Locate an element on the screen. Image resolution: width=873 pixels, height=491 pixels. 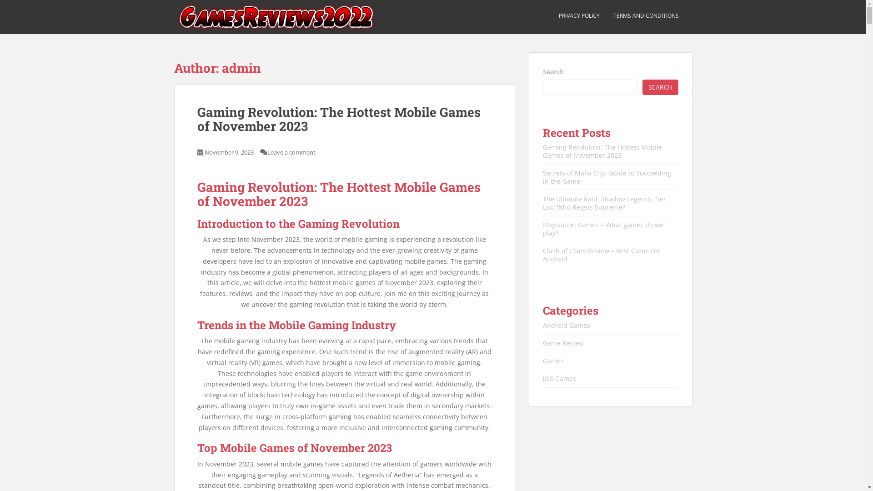
'Leave a comment' is located at coordinates (291, 152).